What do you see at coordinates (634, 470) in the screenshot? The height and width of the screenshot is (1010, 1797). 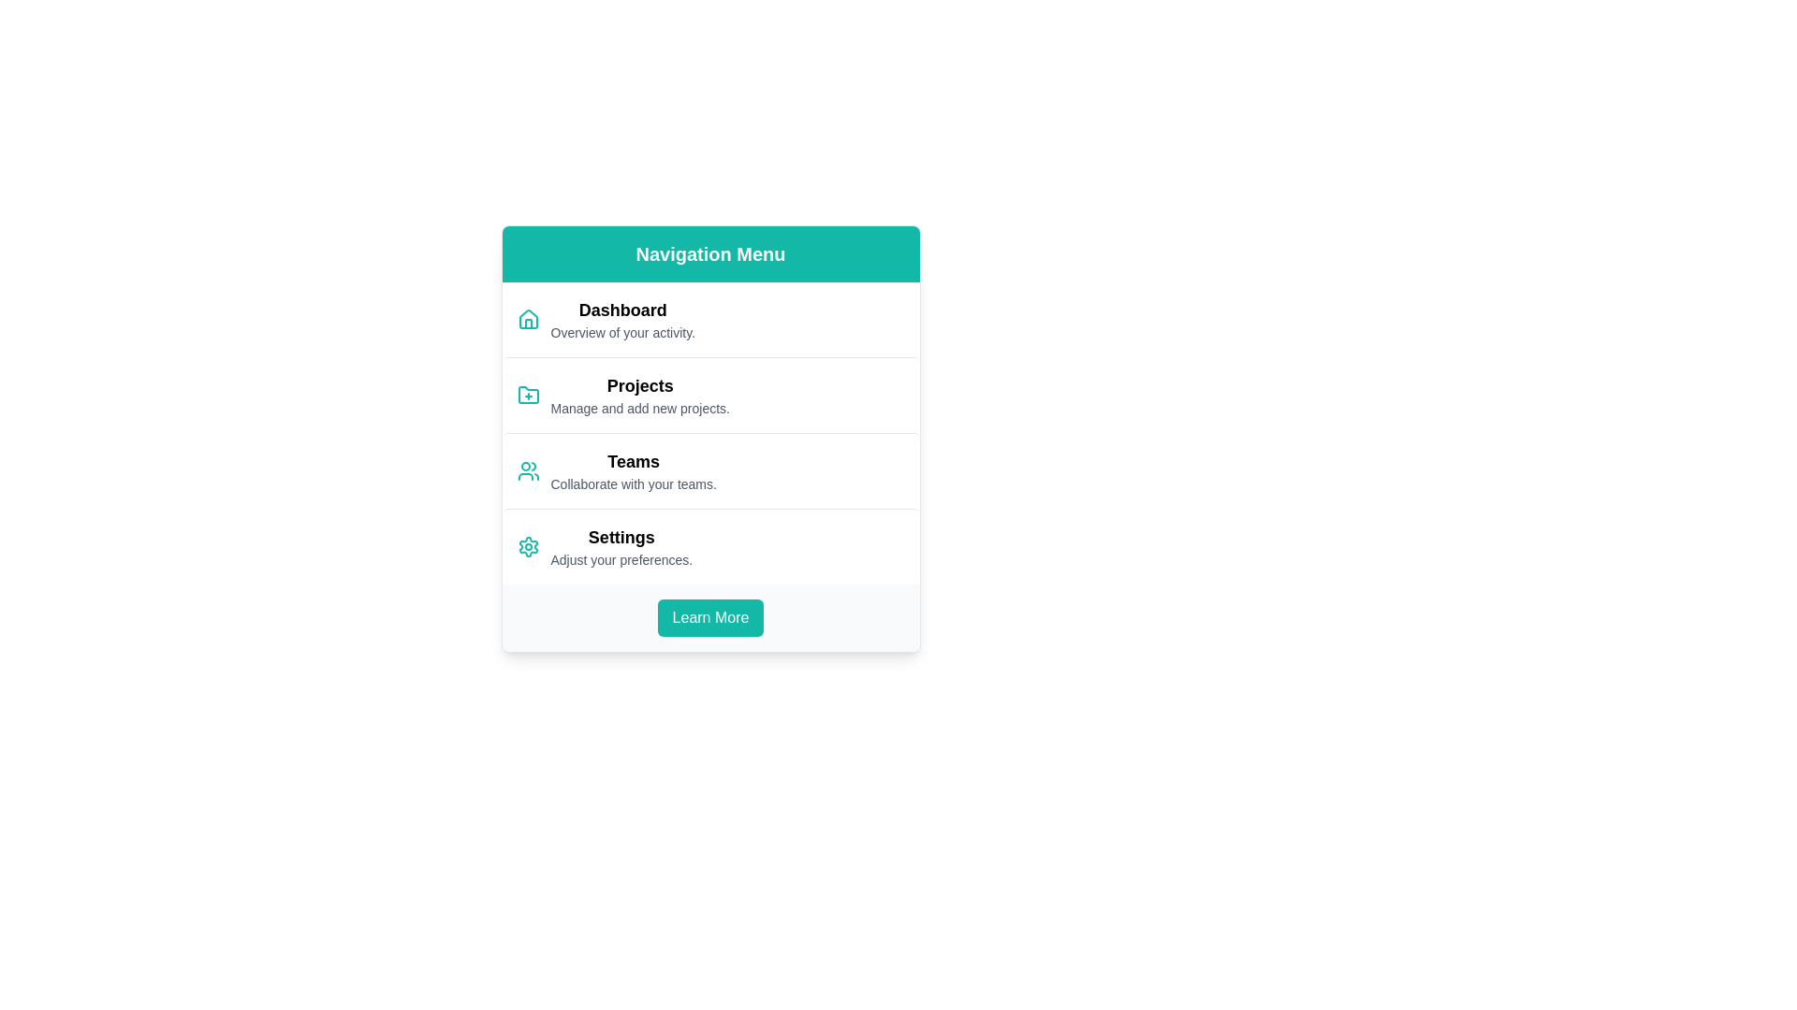 I see `the 'Teams' navigation option in the vertical menu` at bounding box center [634, 470].